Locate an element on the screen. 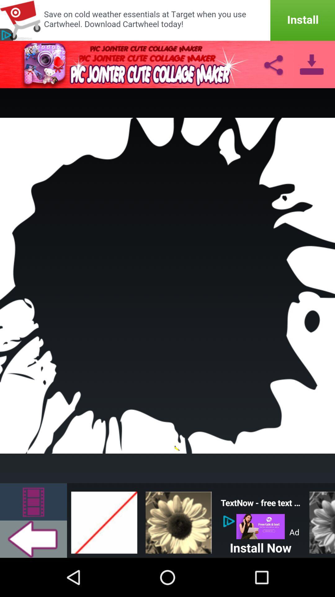  advertisement is located at coordinates (261, 526).